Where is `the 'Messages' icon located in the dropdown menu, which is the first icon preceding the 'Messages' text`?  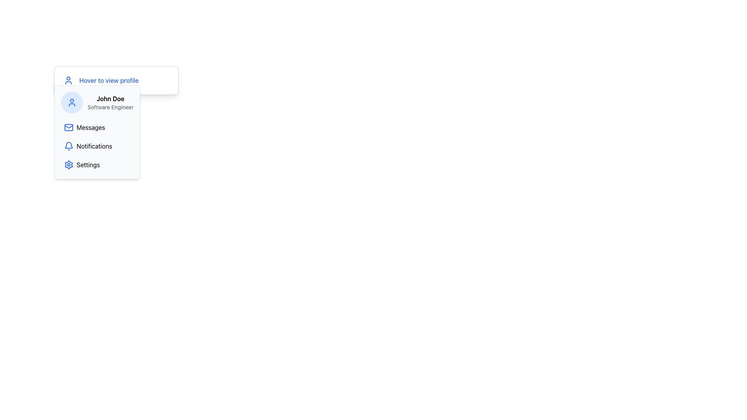
the 'Messages' icon located in the dropdown menu, which is the first icon preceding the 'Messages' text is located at coordinates (69, 127).